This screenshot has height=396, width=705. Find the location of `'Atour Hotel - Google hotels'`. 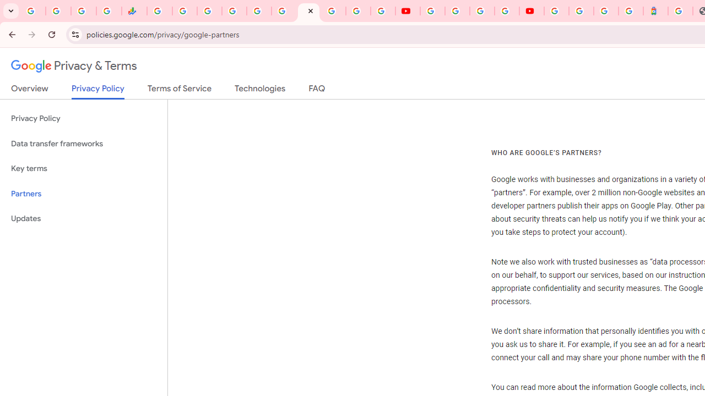

'Atour Hotel - Google hotels' is located at coordinates (655, 11).